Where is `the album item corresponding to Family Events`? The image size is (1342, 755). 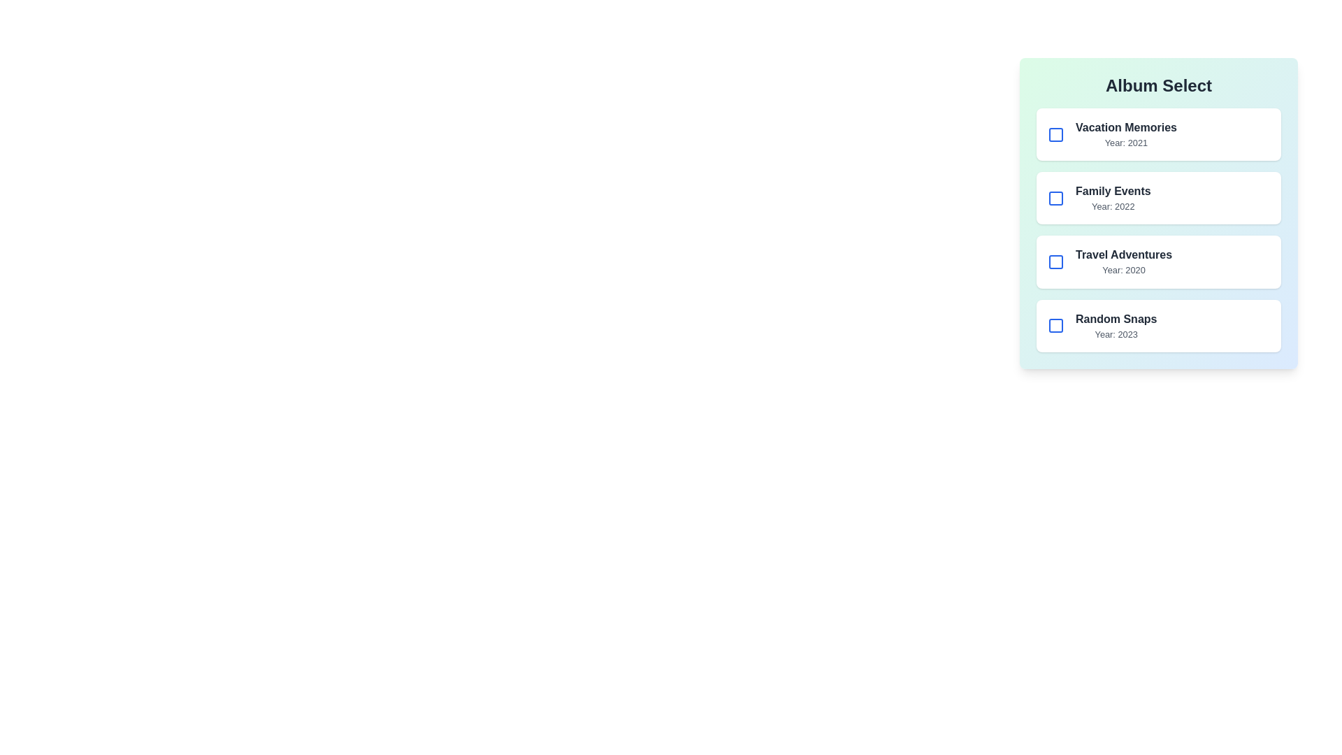 the album item corresponding to Family Events is located at coordinates (1158, 198).